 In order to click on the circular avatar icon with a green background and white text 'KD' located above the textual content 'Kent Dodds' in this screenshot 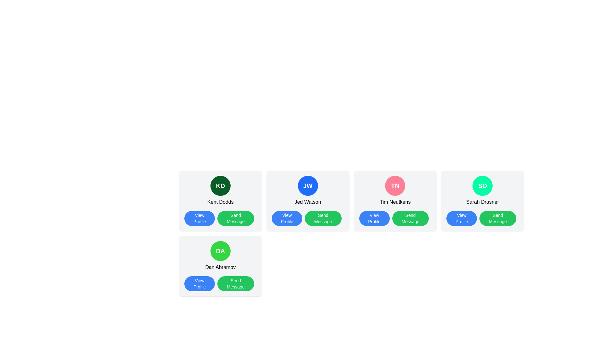, I will do `click(220, 185)`.